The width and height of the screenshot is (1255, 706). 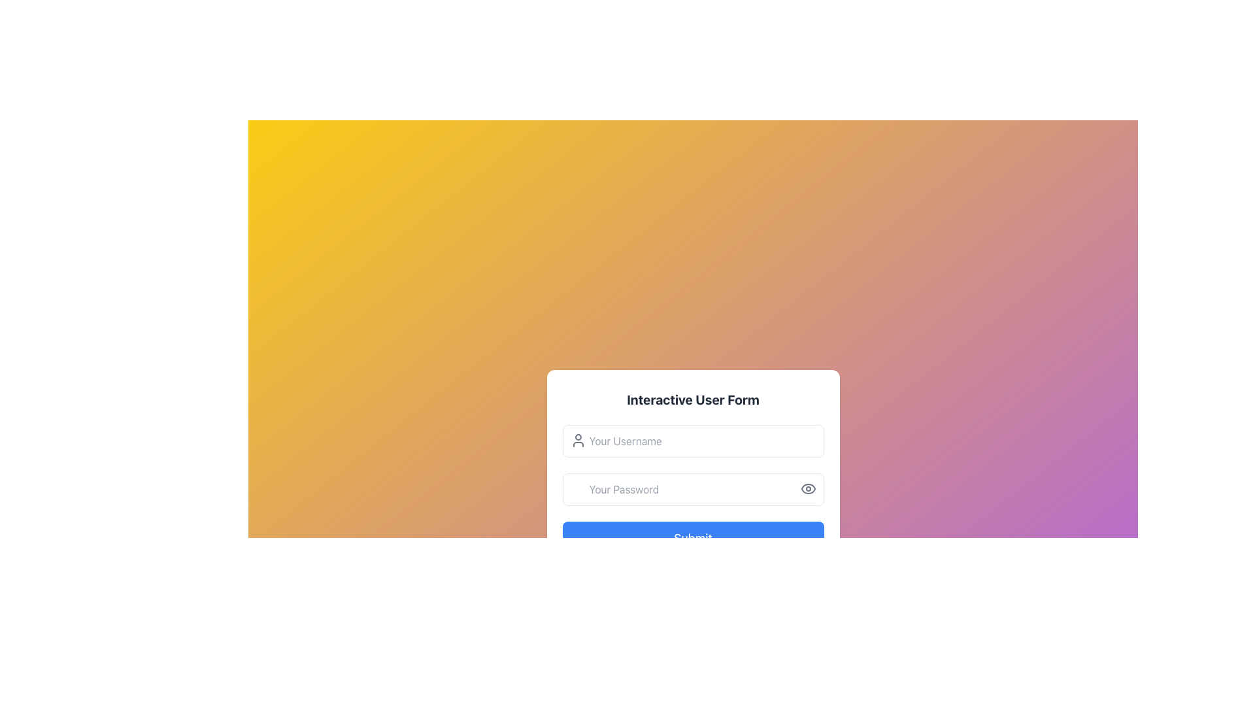 What do you see at coordinates (692, 489) in the screenshot?
I see `the Password input field which is a rectangular input field with rounded corners, light gray borders, and a placeholder text that reads 'Your Password'` at bounding box center [692, 489].